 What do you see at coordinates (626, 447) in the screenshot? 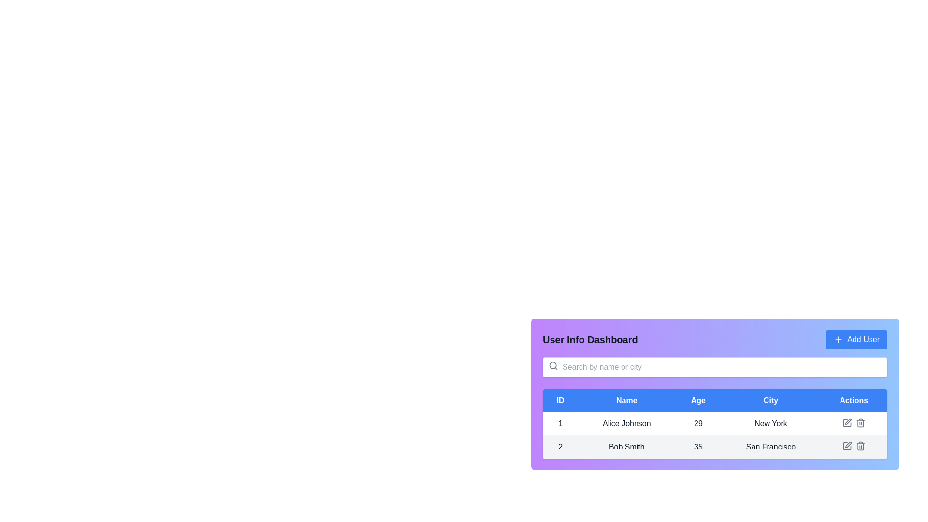
I see `text content of the element displaying 'Bob Smith', which is the second cell in the second row of the data table under the 'Name' column` at bounding box center [626, 447].